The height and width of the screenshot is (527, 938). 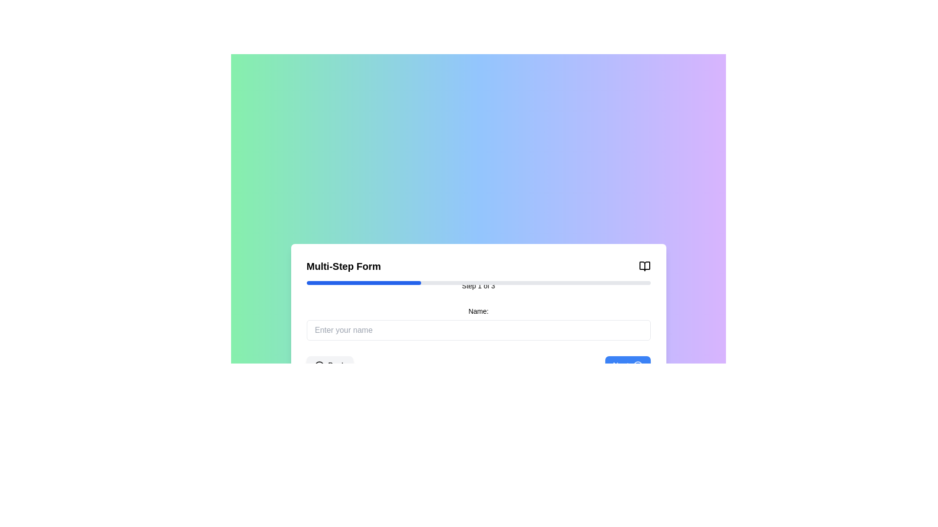 I want to click on the progress bar chunk that visually represents the current step's completion in the multi-step process, located beneath the header 'Multi-Step Form' and above the label 'Step 1 of 3', so click(x=363, y=283).